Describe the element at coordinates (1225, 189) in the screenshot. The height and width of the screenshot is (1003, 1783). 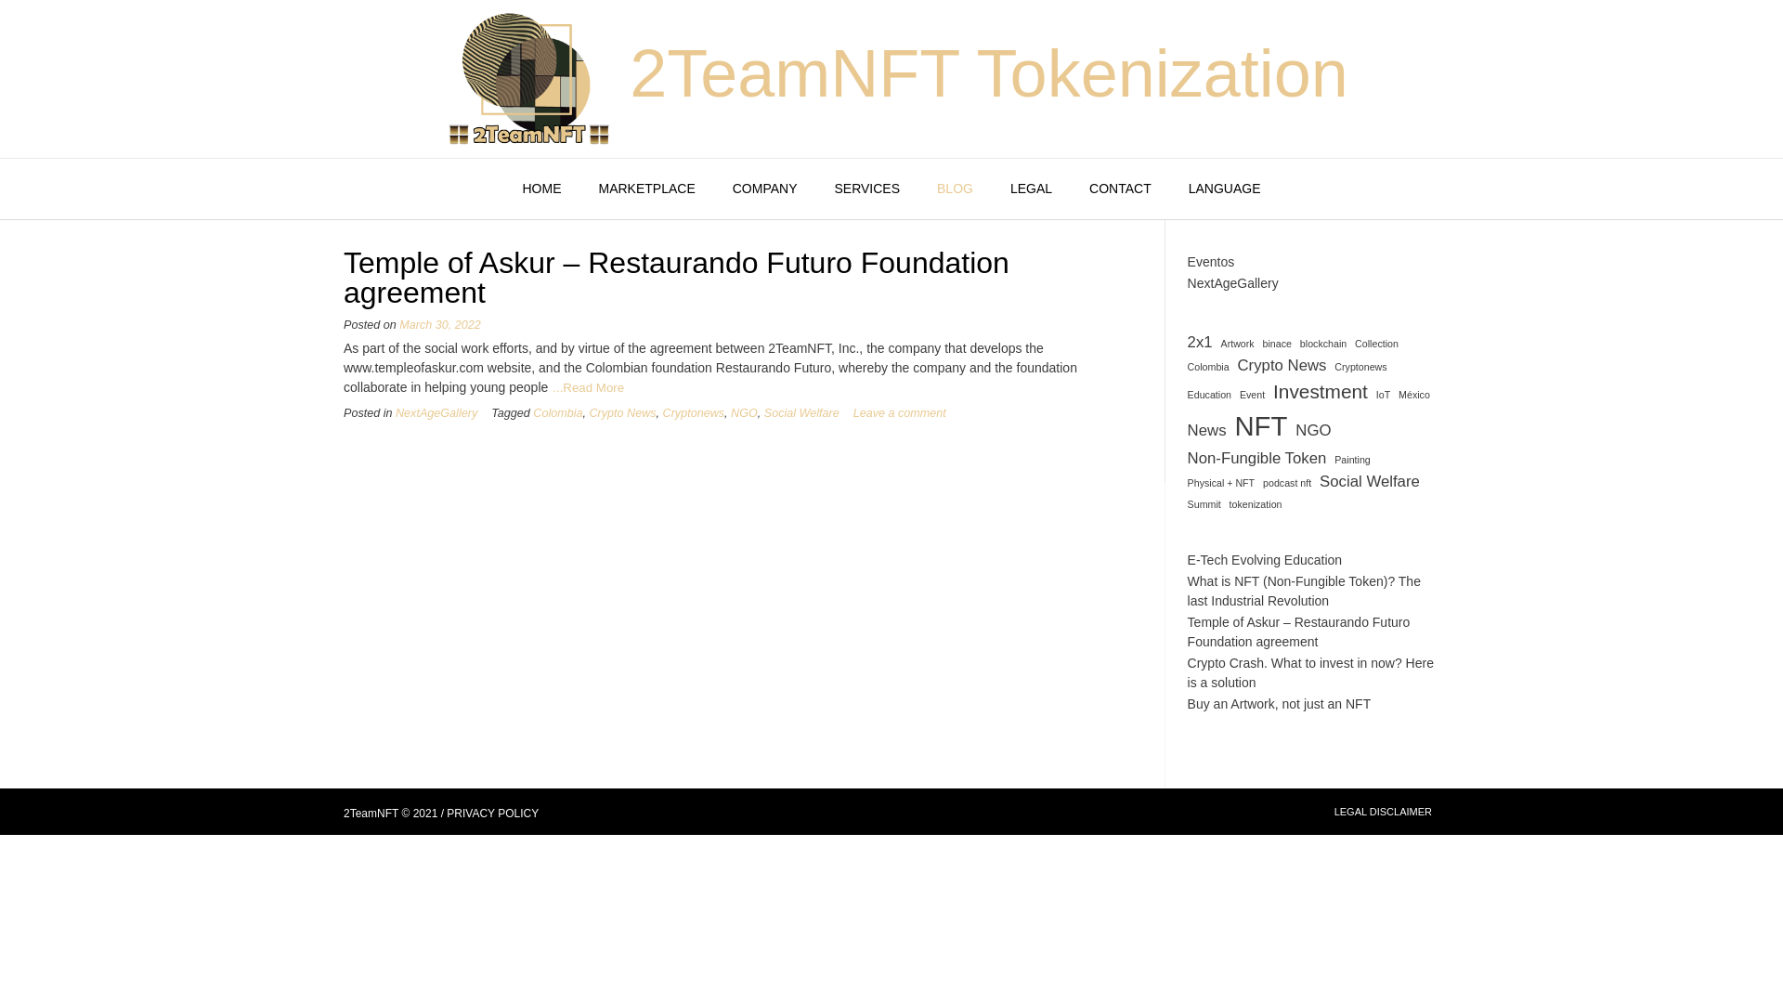
I see `'LANGUAGE'` at that location.